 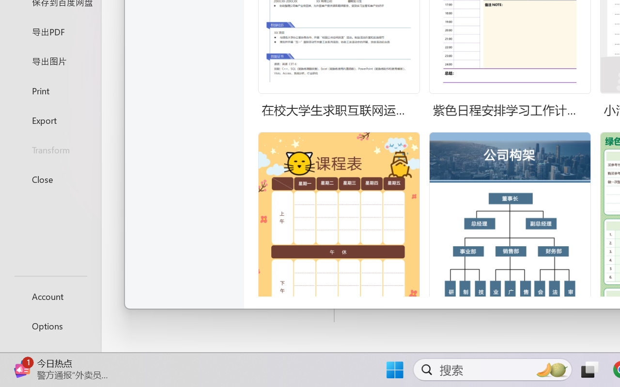 I want to click on 'Options', so click(x=50, y=326).